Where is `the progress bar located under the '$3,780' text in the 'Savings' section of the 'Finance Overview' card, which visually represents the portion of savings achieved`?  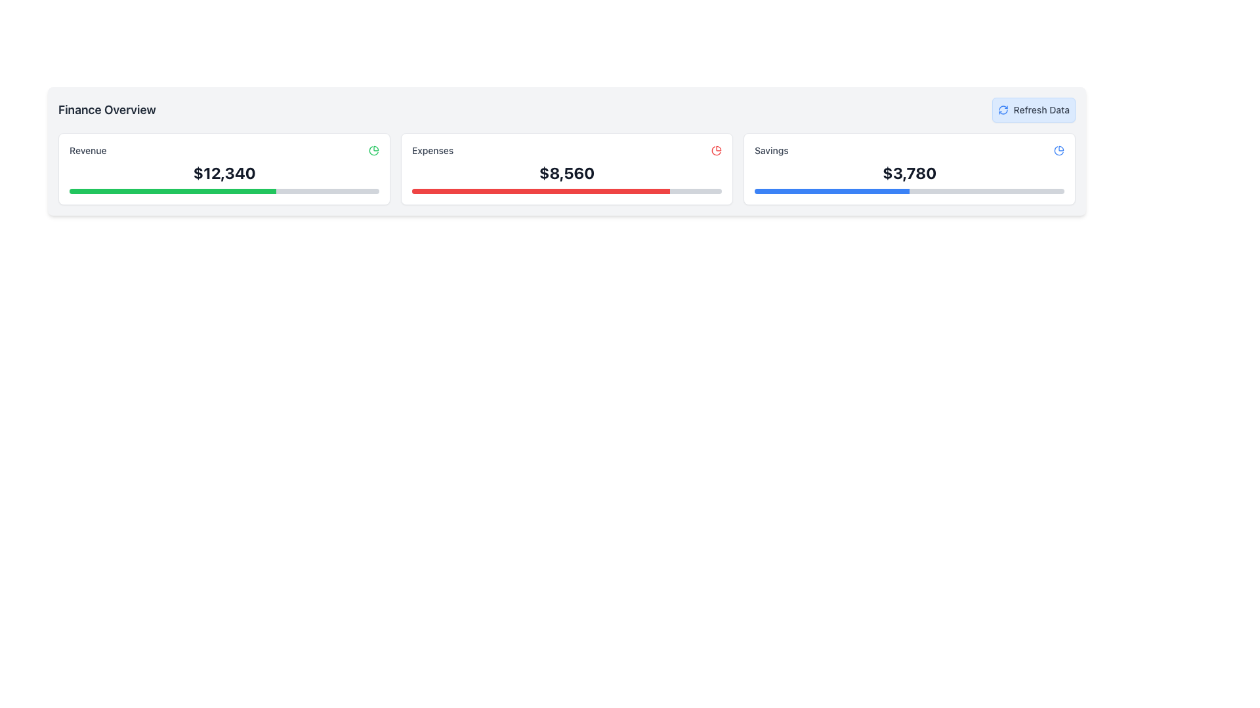 the progress bar located under the '$3,780' text in the 'Savings' section of the 'Finance Overview' card, which visually represents the portion of savings achieved is located at coordinates (909, 191).